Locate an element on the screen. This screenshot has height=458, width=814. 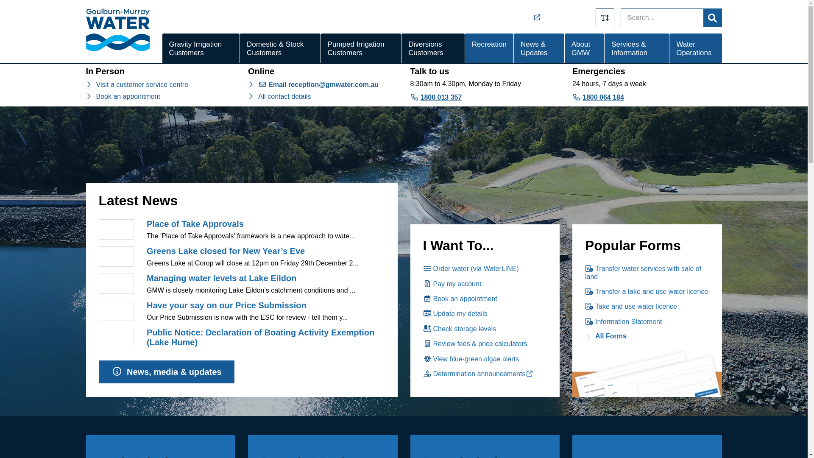
'Email reception@gmwater.com.au' is located at coordinates (258, 84).